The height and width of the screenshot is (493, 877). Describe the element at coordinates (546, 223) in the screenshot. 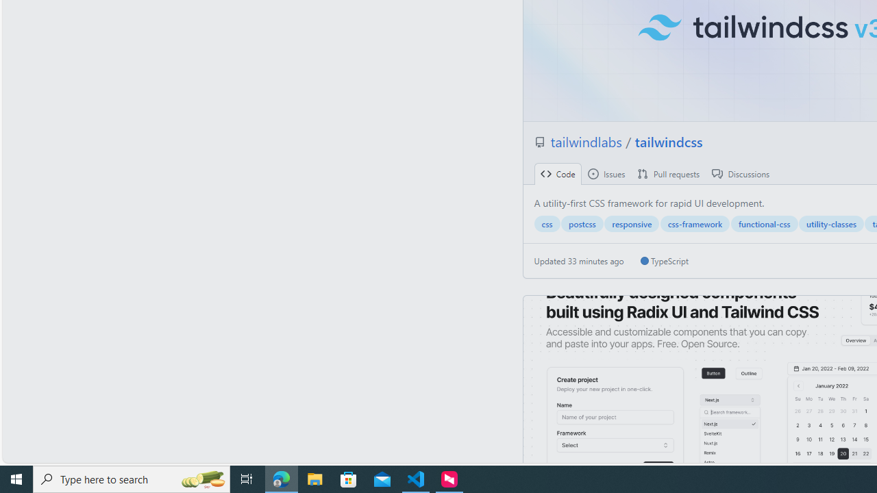

I see `'css'` at that location.